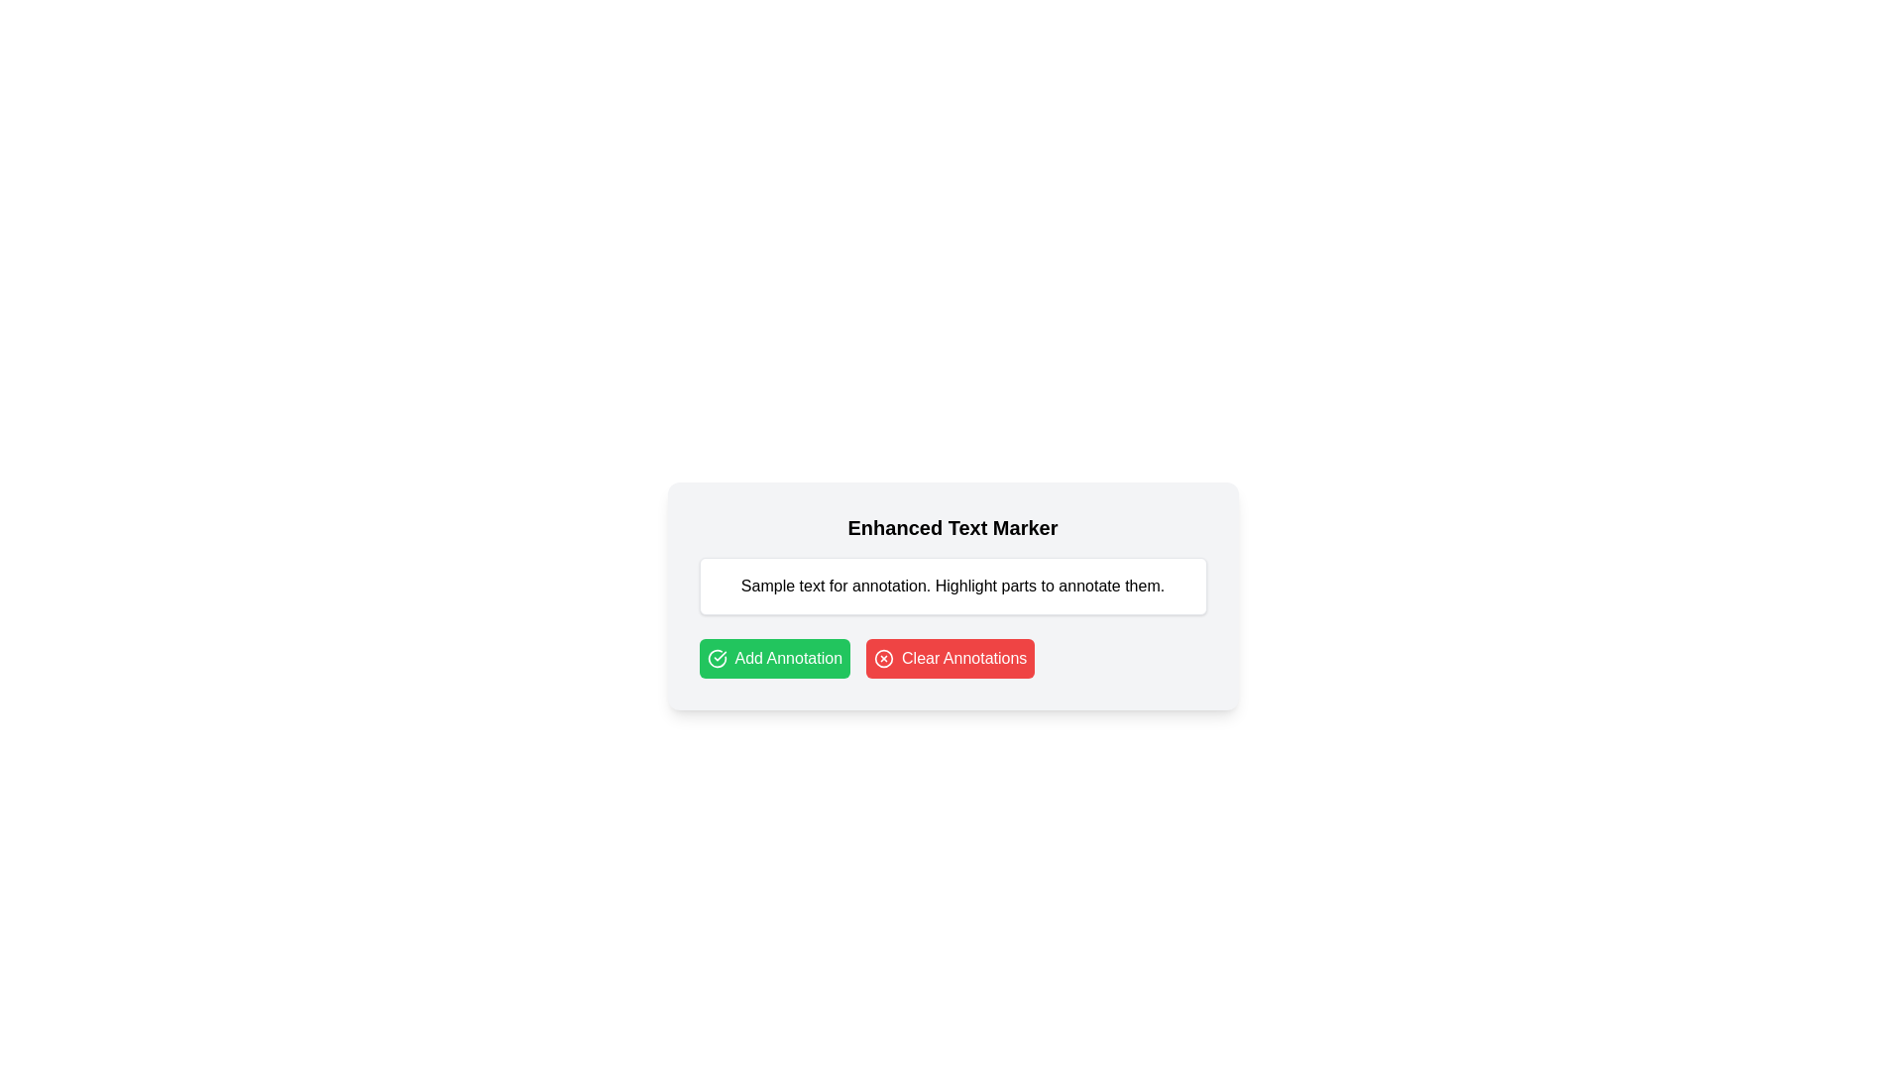  Describe the element at coordinates (888, 585) in the screenshot. I see `the last 't' in the word 'annotation' within the text line that begins with 'Sample text' and ends with 'annotate them.'` at that location.